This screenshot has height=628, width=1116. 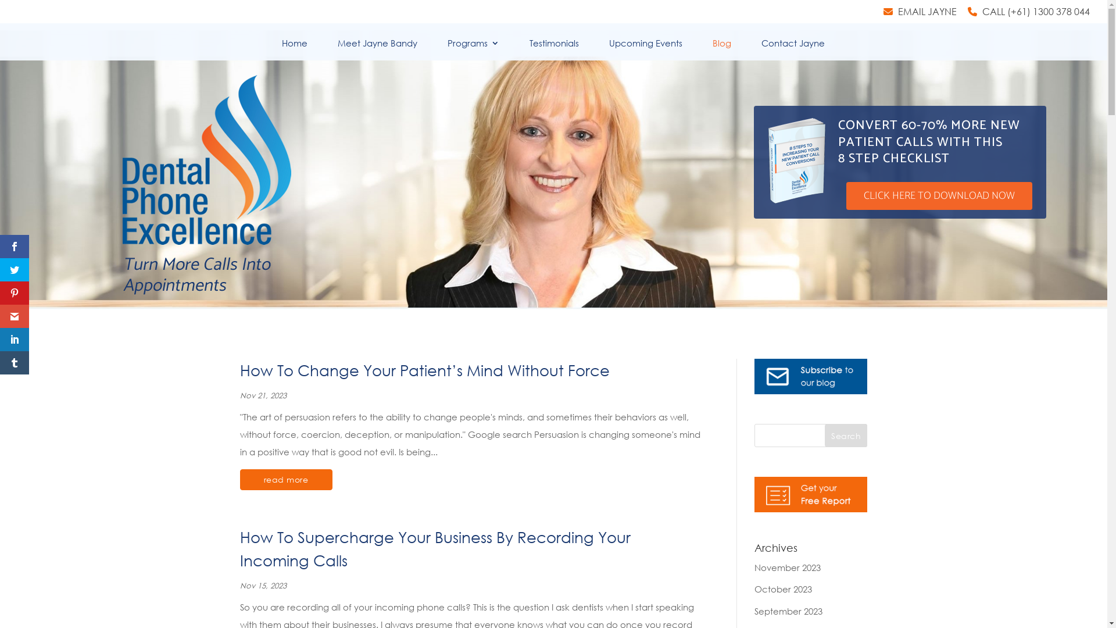 I want to click on 'November 2023', so click(x=787, y=566).